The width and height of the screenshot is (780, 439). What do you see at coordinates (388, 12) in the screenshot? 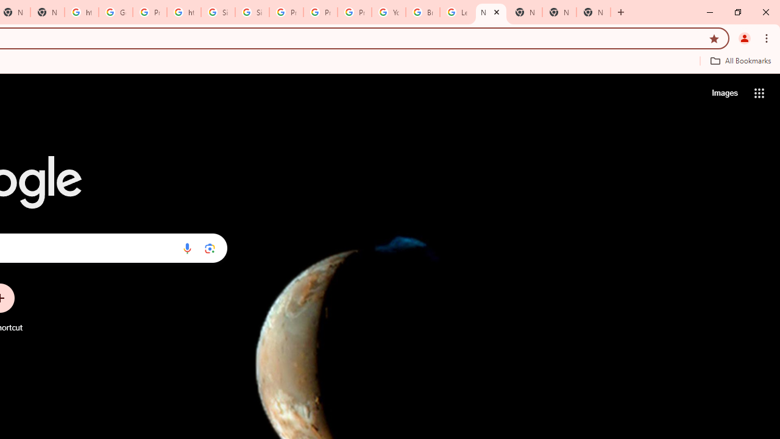
I see `'YouTube'` at bounding box center [388, 12].